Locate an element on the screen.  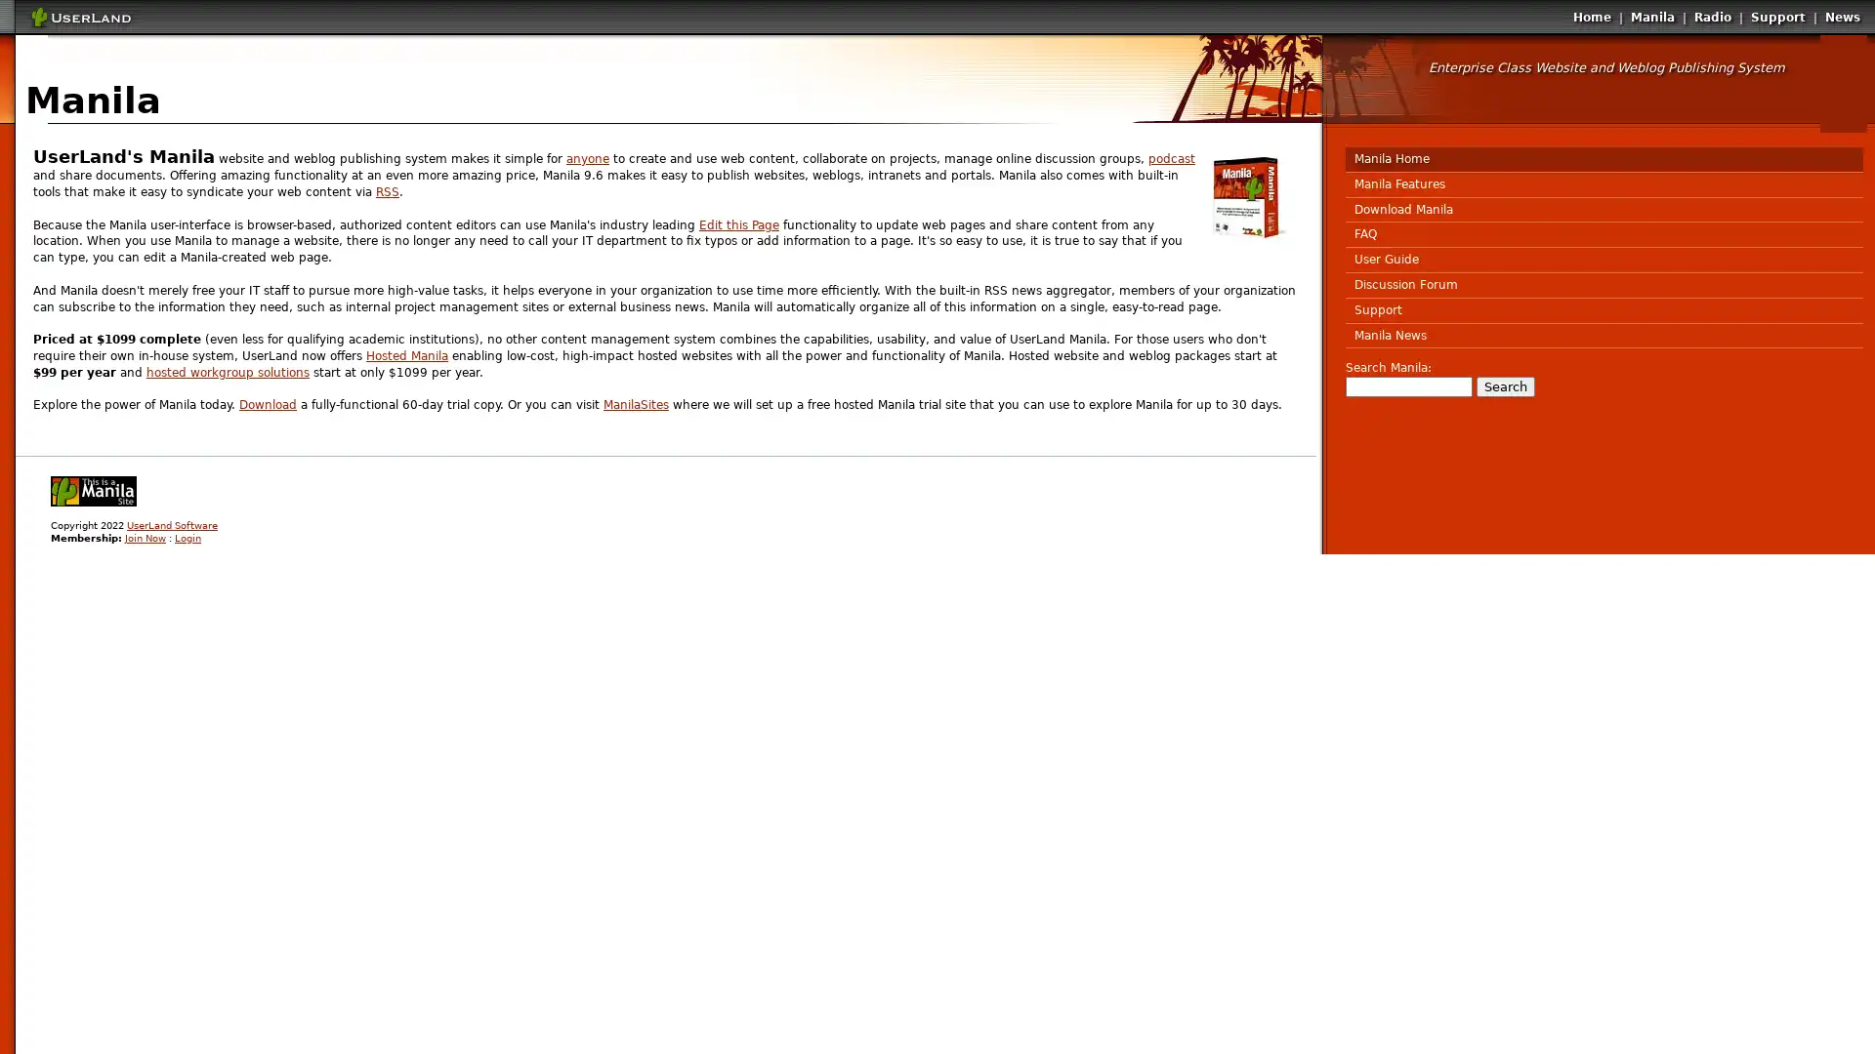
Search is located at coordinates (1504, 386).